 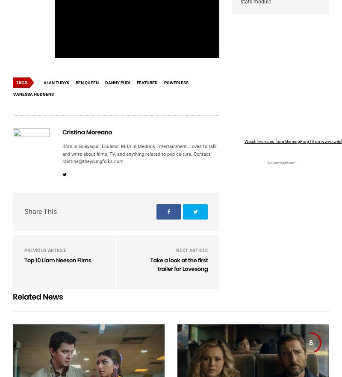 I want to click on 'Tags', so click(x=21, y=82).